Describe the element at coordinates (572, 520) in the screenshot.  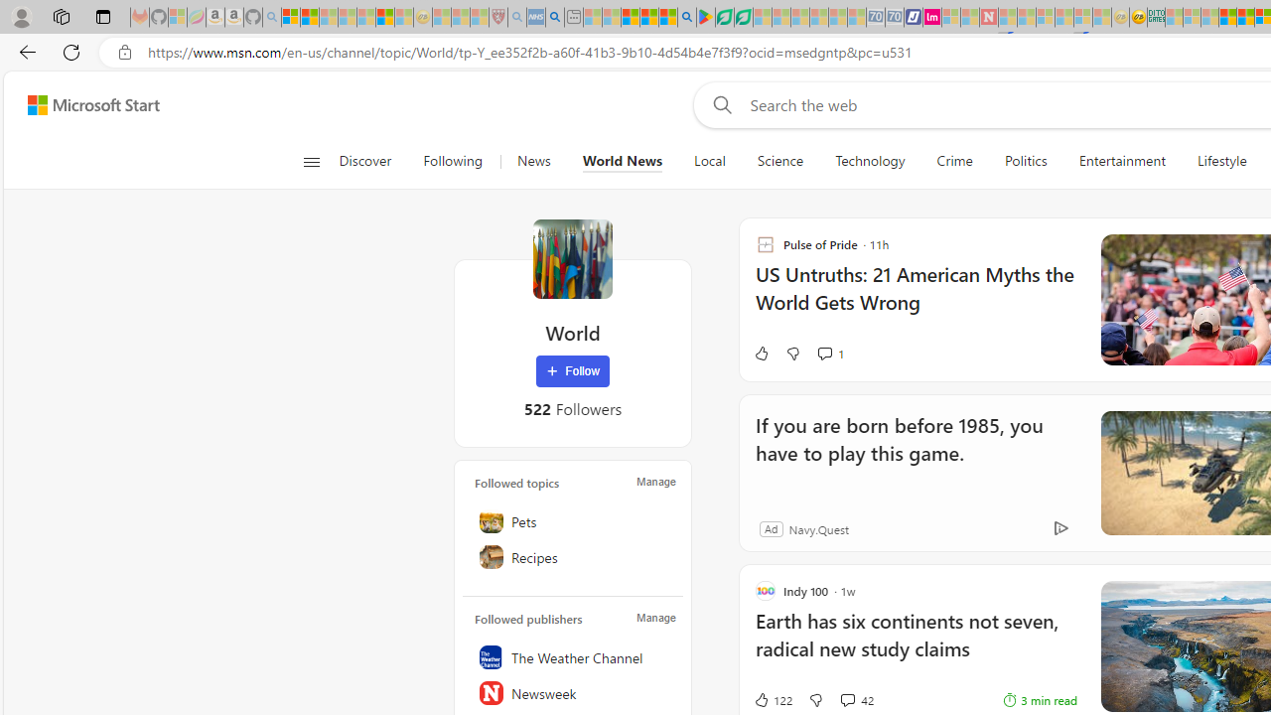
I see `'Pets'` at that location.